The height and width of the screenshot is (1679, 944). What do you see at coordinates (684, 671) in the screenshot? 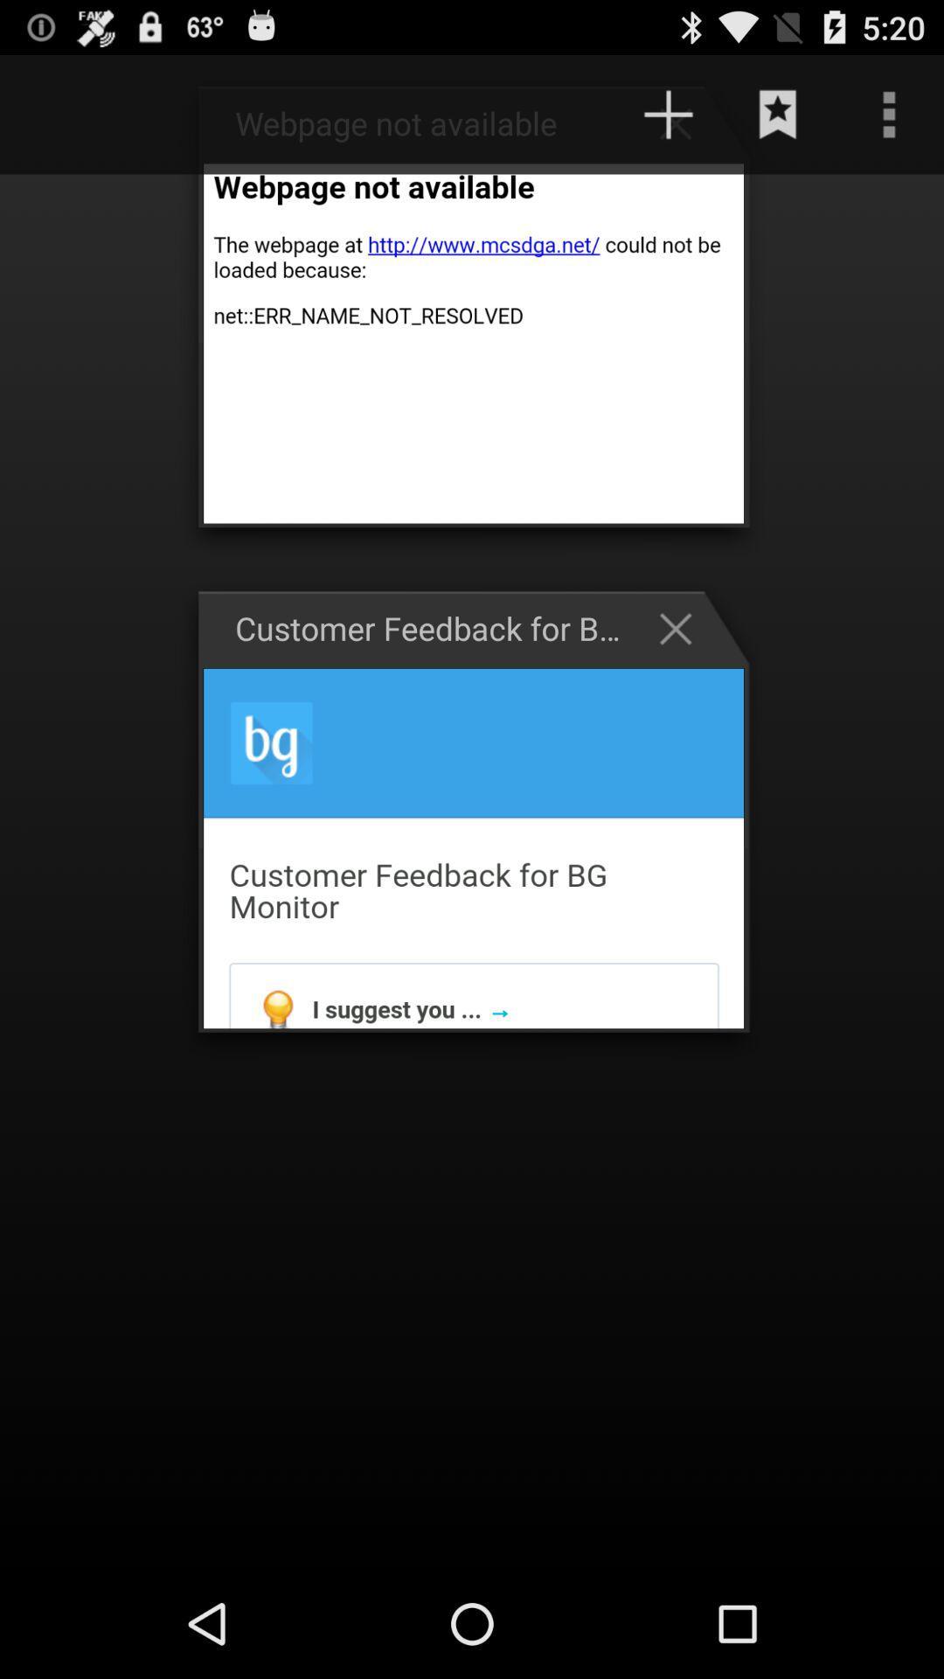
I see `the close icon` at bounding box center [684, 671].